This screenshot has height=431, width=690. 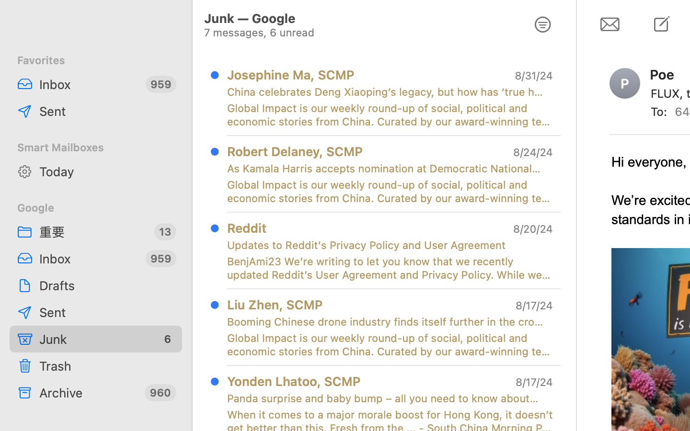 I want to click on 'Hi everyone,', so click(x=649, y=162).